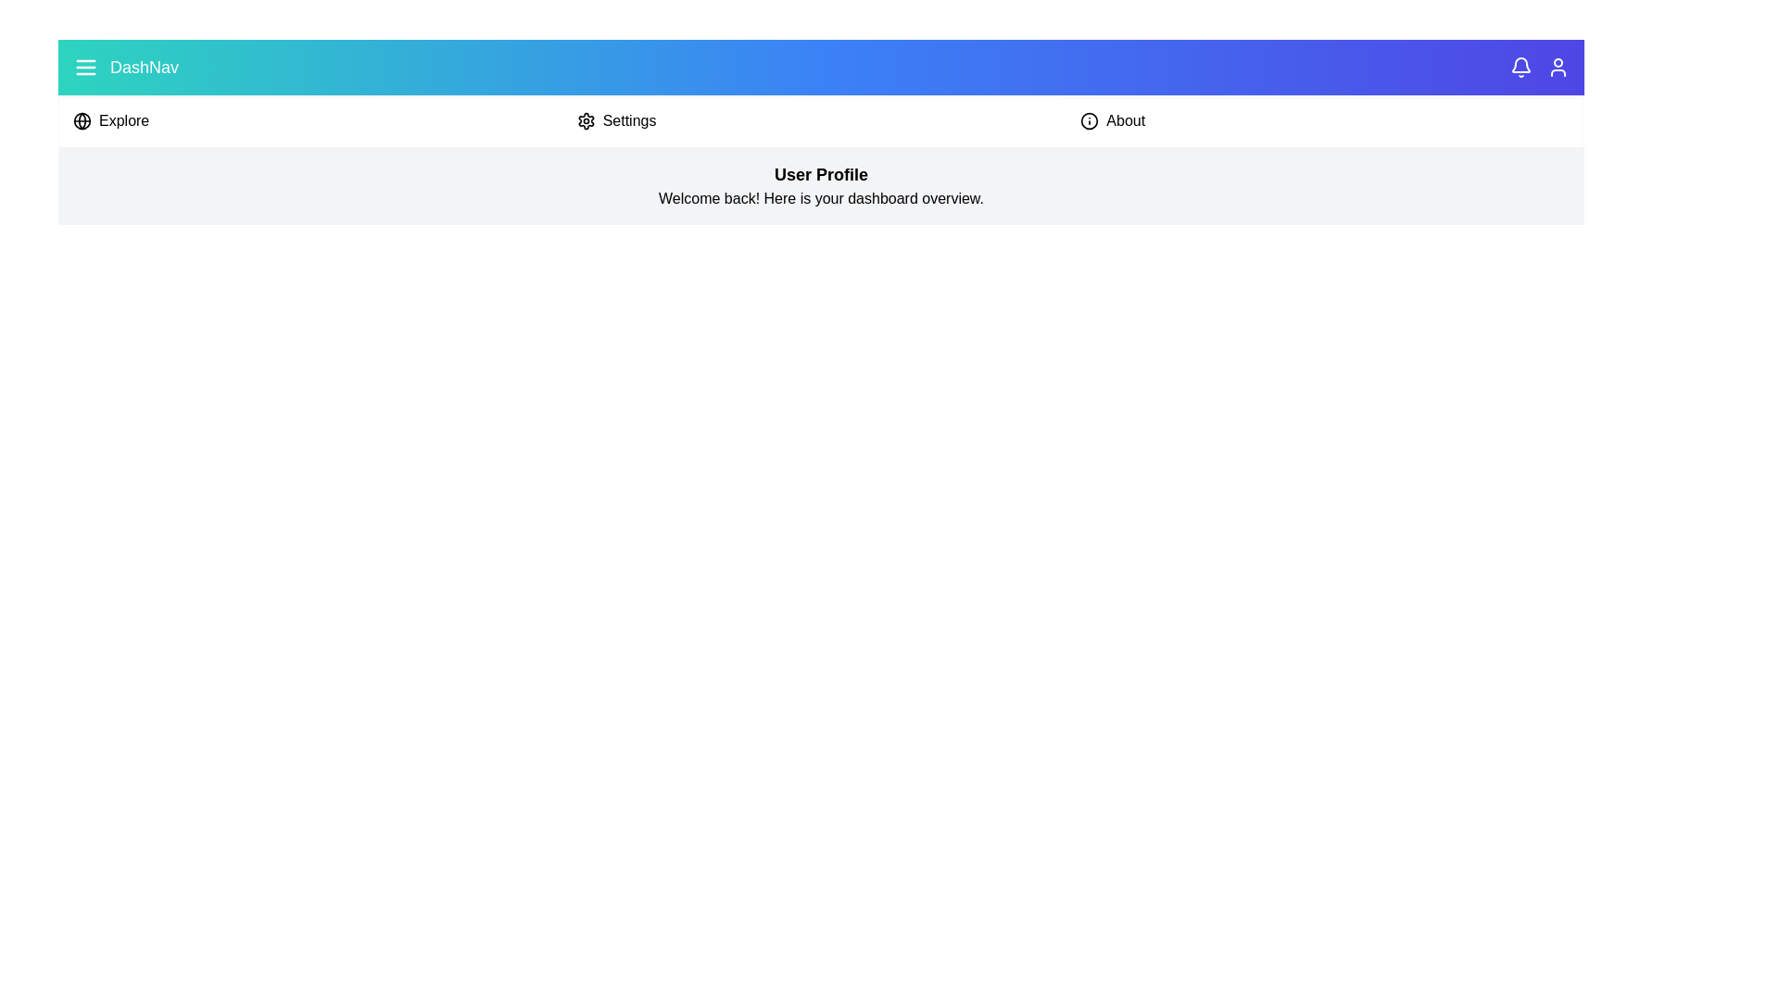 The height and width of the screenshot is (1000, 1779). Describe the element at coordinates (1324, 121) in the screenshot. I see `the 'About' button in the menu` at that location.